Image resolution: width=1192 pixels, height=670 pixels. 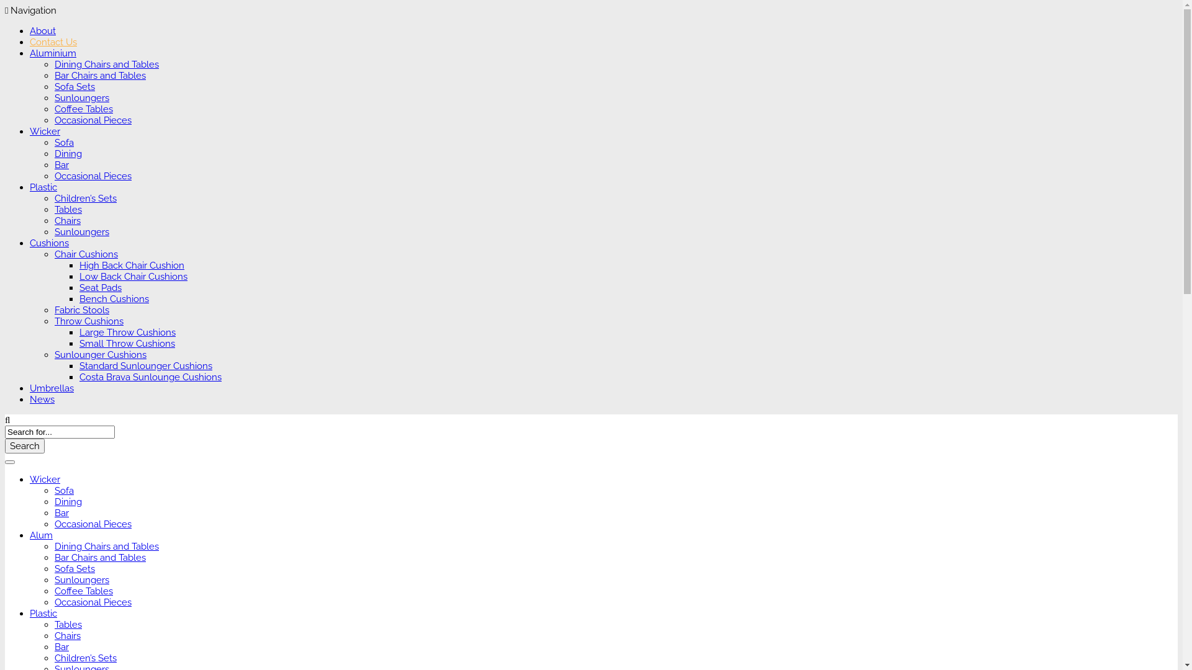 What do you see at coordinates (81, 232) in the screenshot?
I see `'Sunloungers'` at bounding box center [81, 232].